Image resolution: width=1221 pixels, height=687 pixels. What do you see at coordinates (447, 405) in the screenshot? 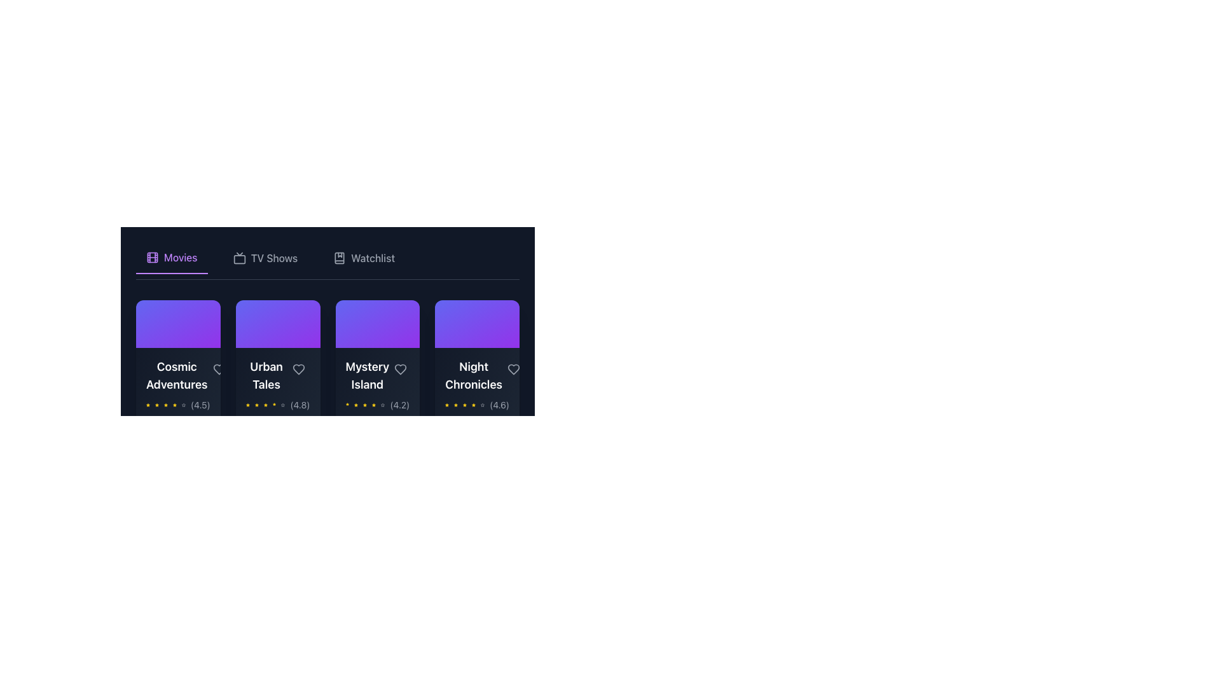
I see `the first yellow star icon in the rating system below the 'Night Chronicles' title` at bounding box center [447, 405].